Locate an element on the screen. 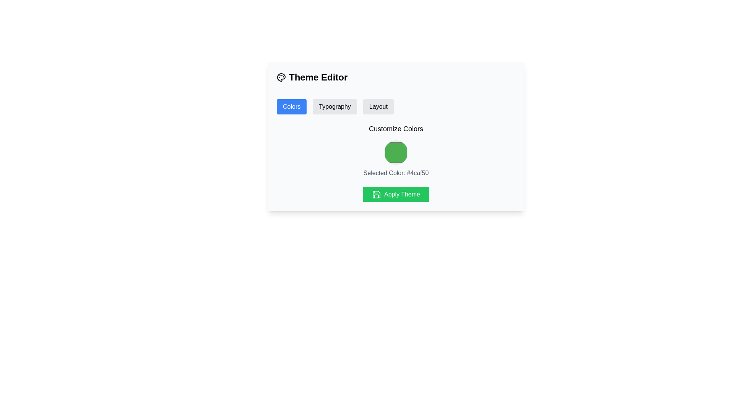 The width and height of the screenshot is (734, 412). the green button labeled 'Apply Theme' located at the center of the Theme Editor card to apply the theme is located at coordinates (396, 194).